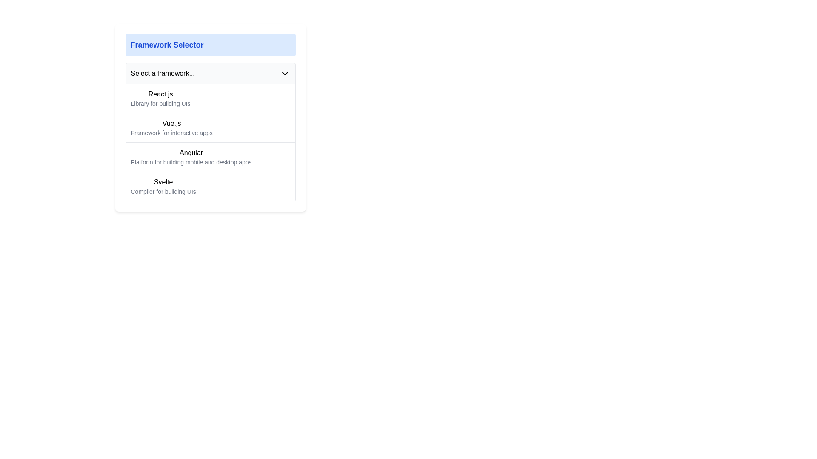 This screenshot has height=459, width=817. What do you see at coordinates (163, 192) in the screenshot?
I see `text content of the gray text label that says 'Compiler for building UIs', located directly below the bold text 'Svelte' in the fourth list item of the dropdown menu titled 'Framework Selector'` at bounding box center [163, 192].